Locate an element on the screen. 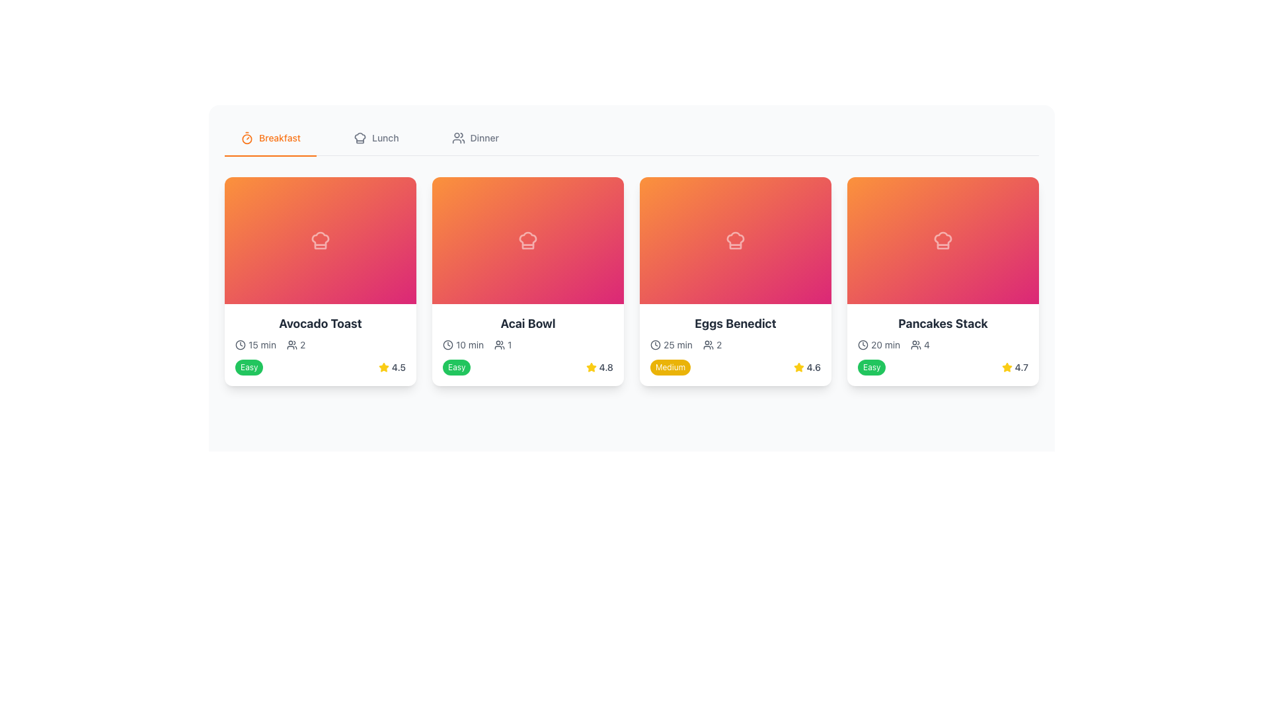  the small text label displaying the number '2' located near the group icon within the 'Eggs Benedict' card, indicating a quantity count is located at coordinates (718, 344).